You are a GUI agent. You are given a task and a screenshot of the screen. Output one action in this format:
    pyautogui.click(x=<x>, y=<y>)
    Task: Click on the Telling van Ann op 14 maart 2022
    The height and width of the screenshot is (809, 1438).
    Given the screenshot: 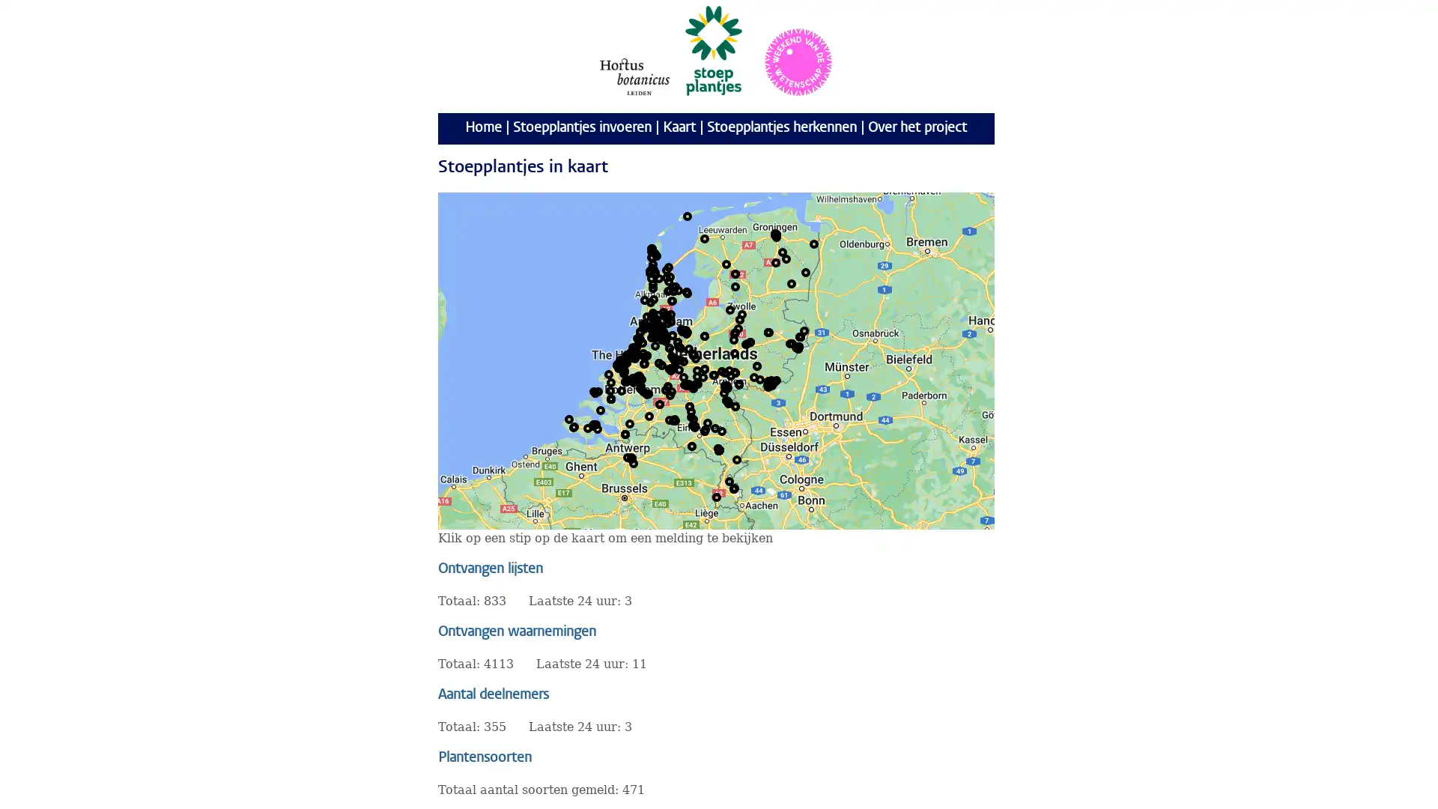 What is the action you would take?
    pyautogui.click(x=697, y=369)
    